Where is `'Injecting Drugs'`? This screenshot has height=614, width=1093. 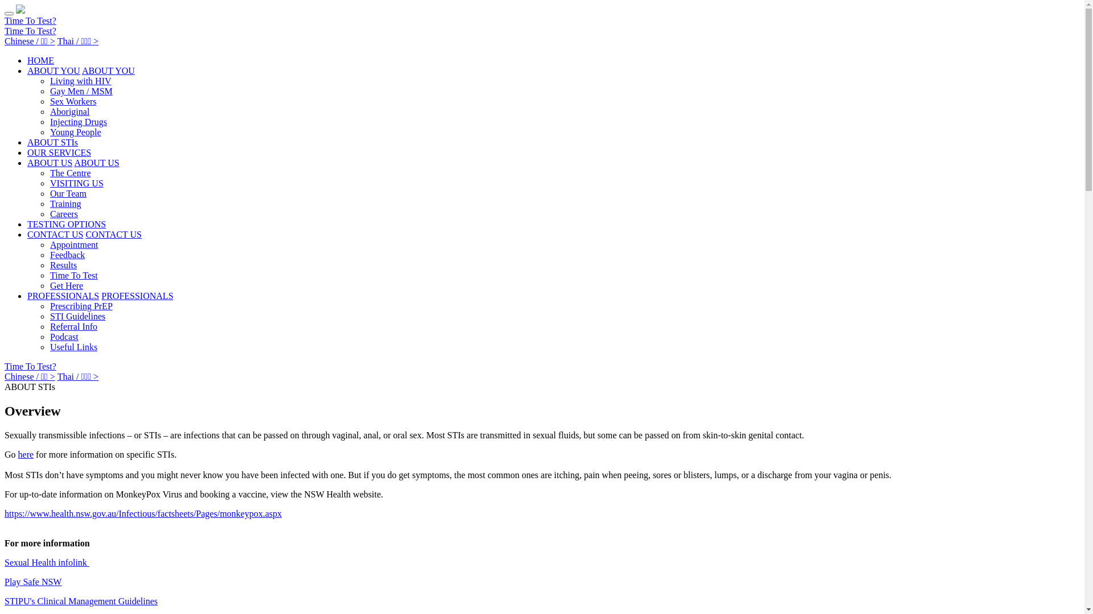 'Injecting Drugs' is located at coordinates (78, 122).